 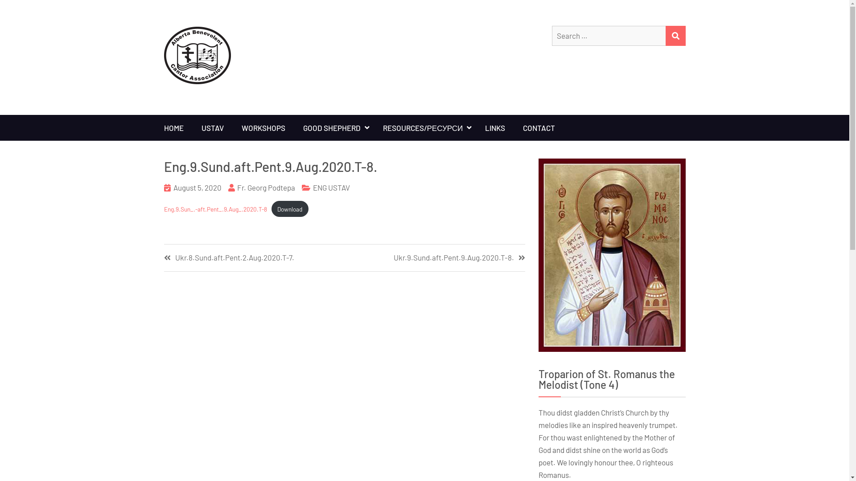 What do you see at coordinates (494, 127) in the screenshot?
I see `'LINKS'` at bounding box center [494, 127].